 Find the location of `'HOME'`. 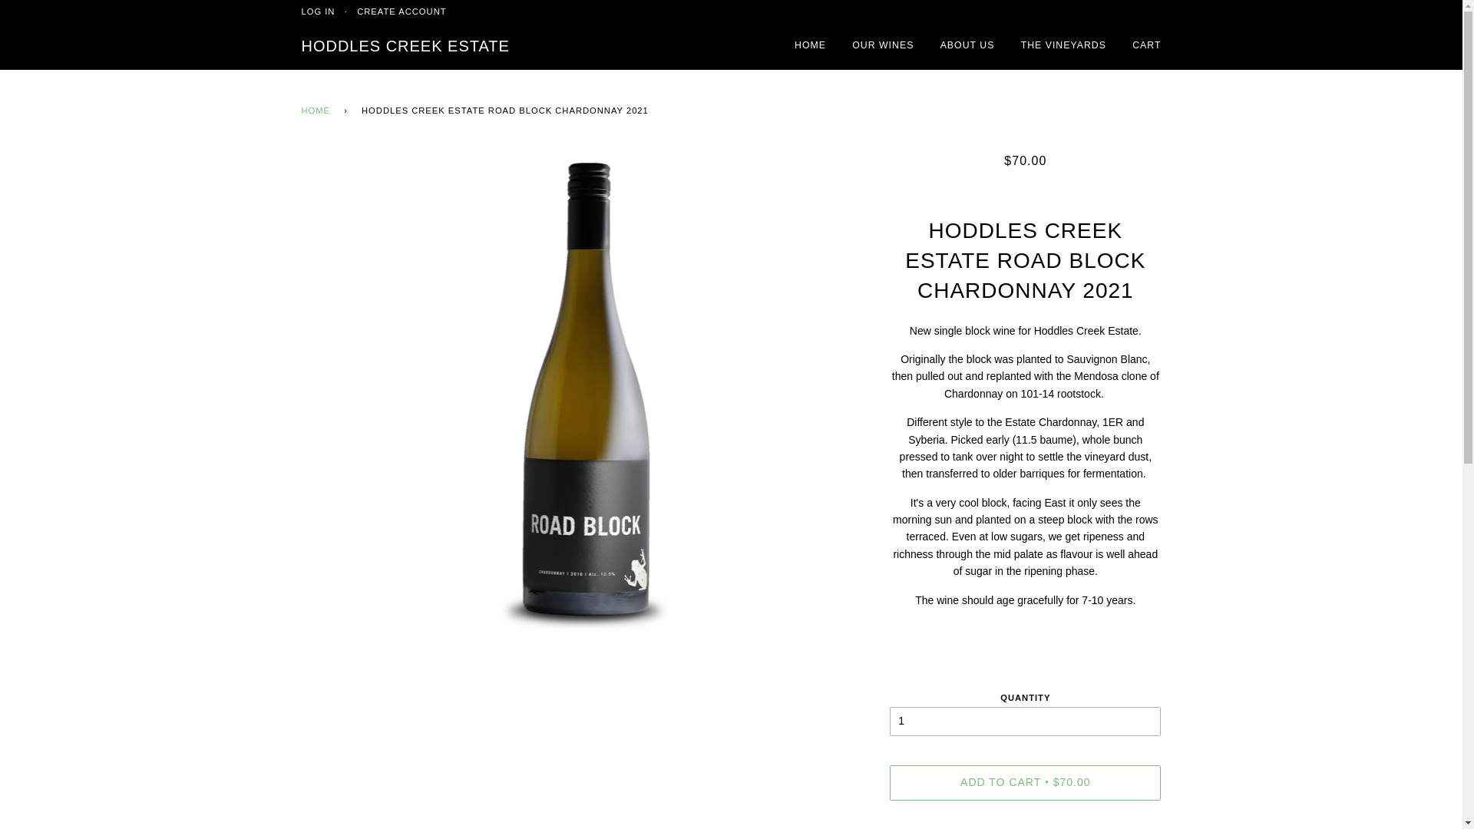

'HOME' is located at coordinates (317, 111).